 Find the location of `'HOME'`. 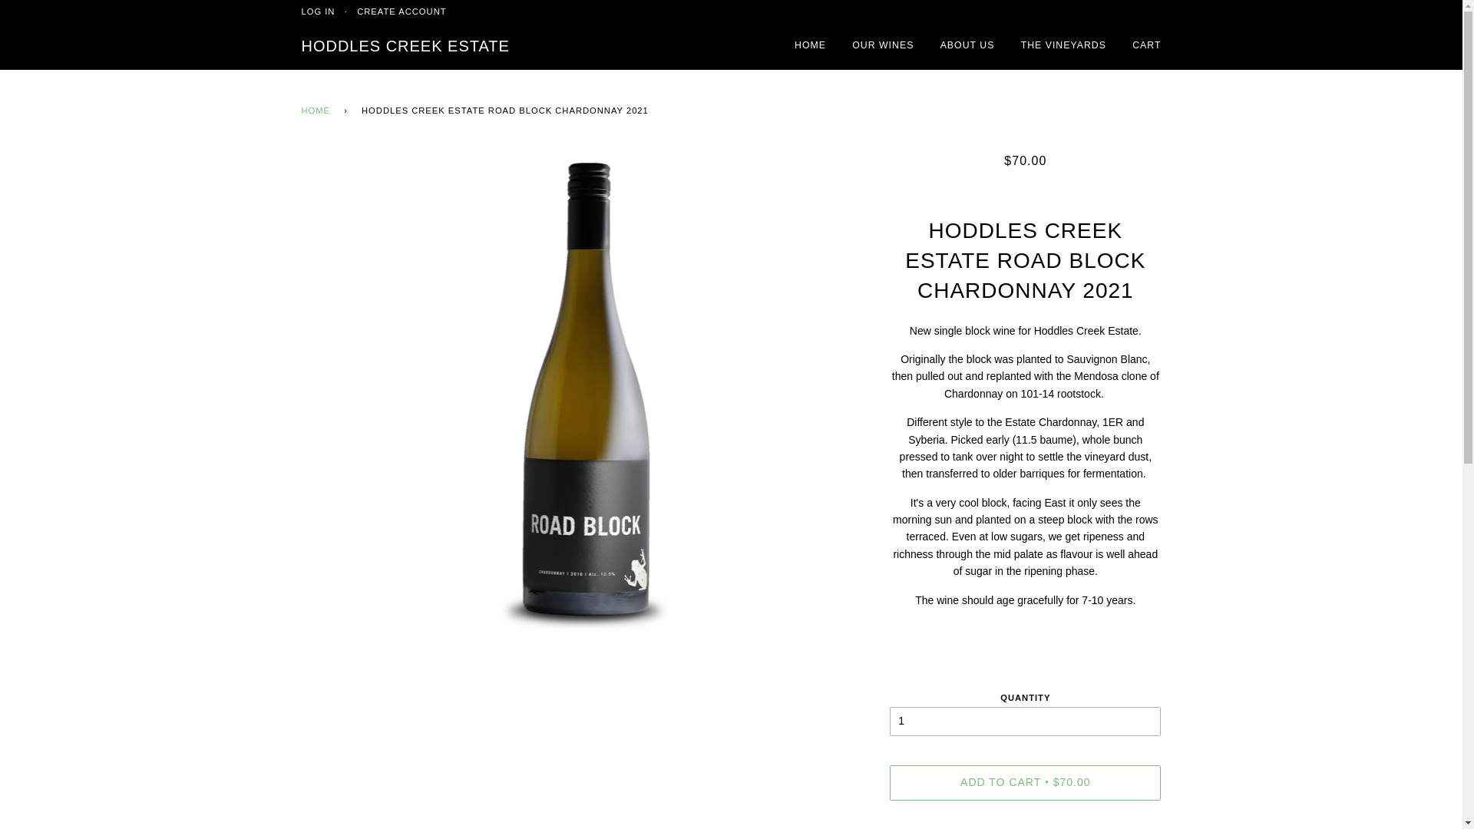

'HOME' is located at coordinates (317, 111).